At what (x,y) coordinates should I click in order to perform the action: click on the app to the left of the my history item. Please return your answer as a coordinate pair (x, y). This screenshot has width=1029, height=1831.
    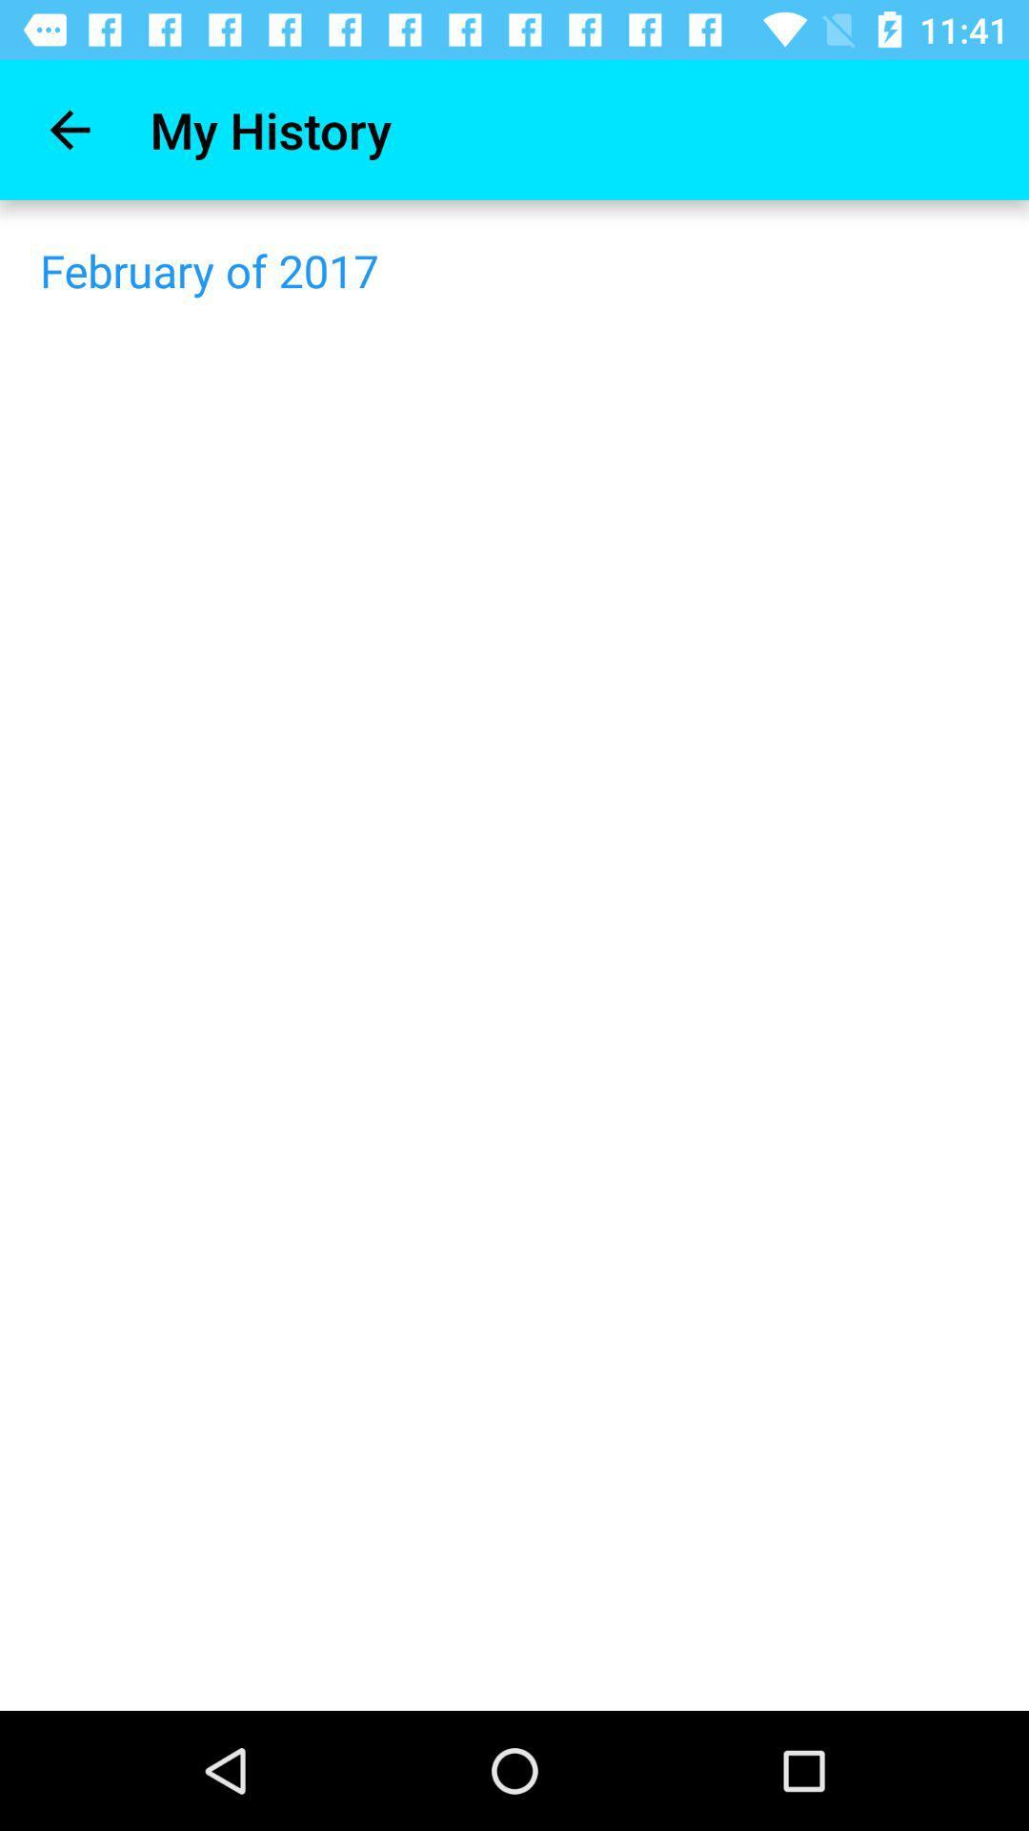
    Looking at the image, I should click on (69, 129).